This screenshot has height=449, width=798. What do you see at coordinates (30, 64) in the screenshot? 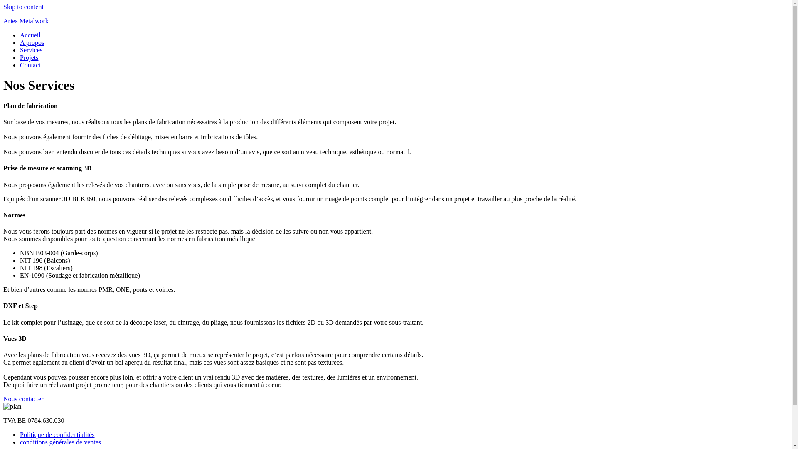
I see `'Contact'` at bounding box center [30, 64].